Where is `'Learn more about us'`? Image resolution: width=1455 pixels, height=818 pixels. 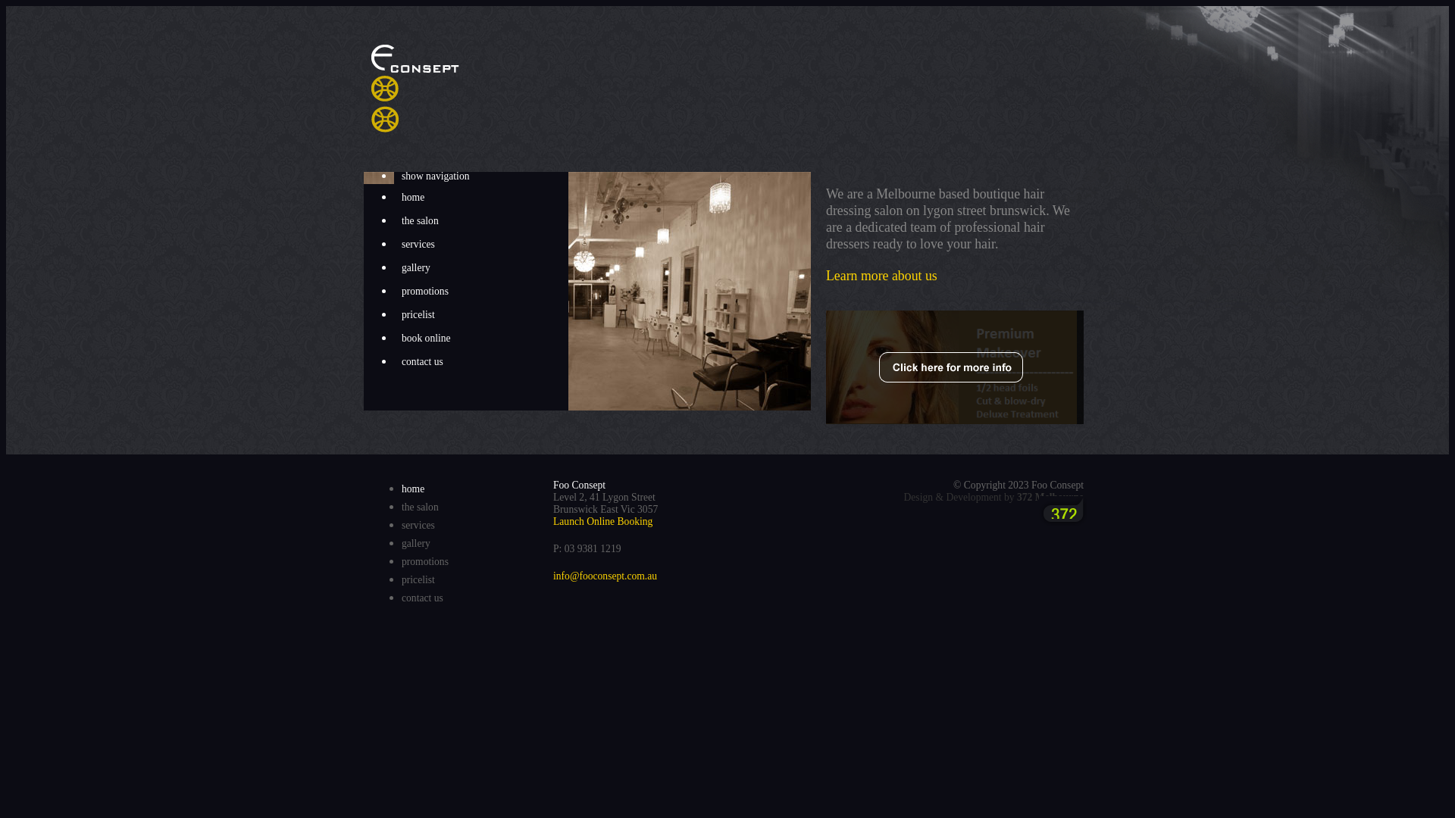
'Learn more about us' is located at coordinates (881, 275).